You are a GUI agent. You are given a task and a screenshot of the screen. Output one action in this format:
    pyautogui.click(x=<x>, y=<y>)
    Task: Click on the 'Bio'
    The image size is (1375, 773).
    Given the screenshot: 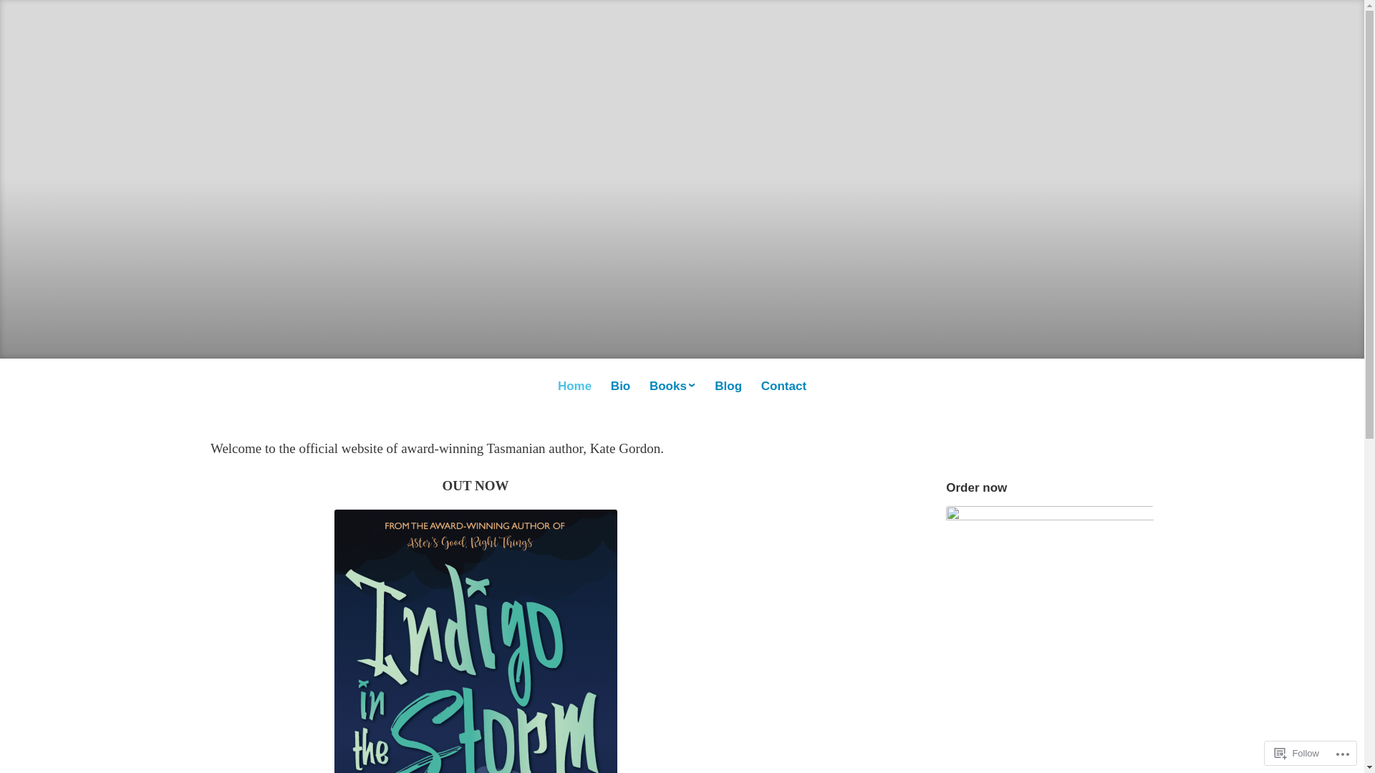 What is the action you would take?
    pyautogui.click(x=619, y=386)
    